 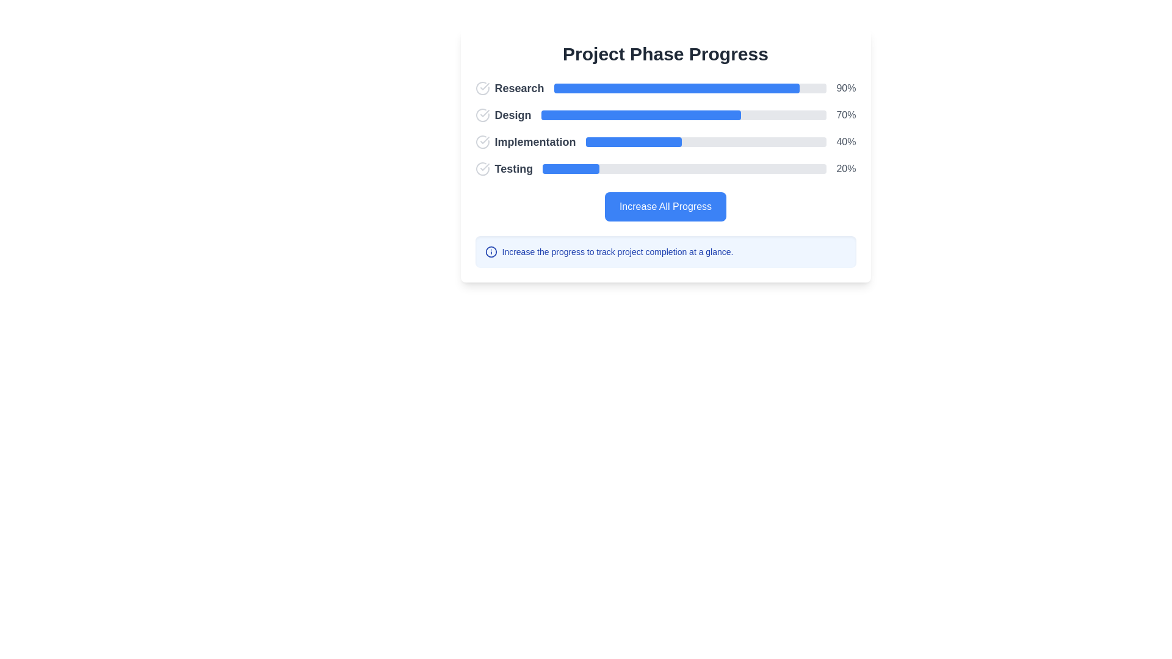 What do you see at coordinates (503, 115) in the screenshot?
I see `the text label displaying 'Design' which is styled in bold black font, located in the vertical list of progress categories, positioned between 'Research' and 'Implementation'` at bounding box center [503, 115].